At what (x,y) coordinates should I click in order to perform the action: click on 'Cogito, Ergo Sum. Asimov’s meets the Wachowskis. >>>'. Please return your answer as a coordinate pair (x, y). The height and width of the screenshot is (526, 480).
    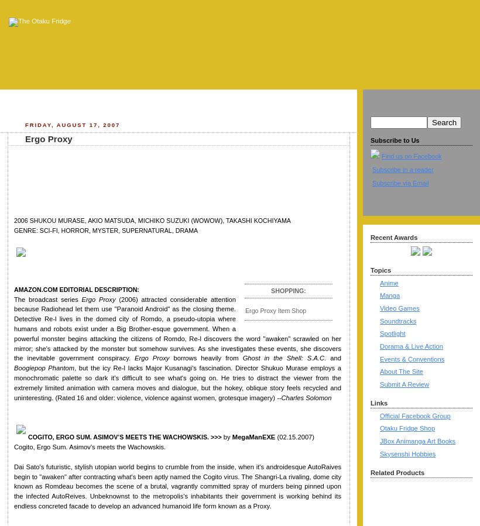
    Looking at the image, I should click on (124, 436).